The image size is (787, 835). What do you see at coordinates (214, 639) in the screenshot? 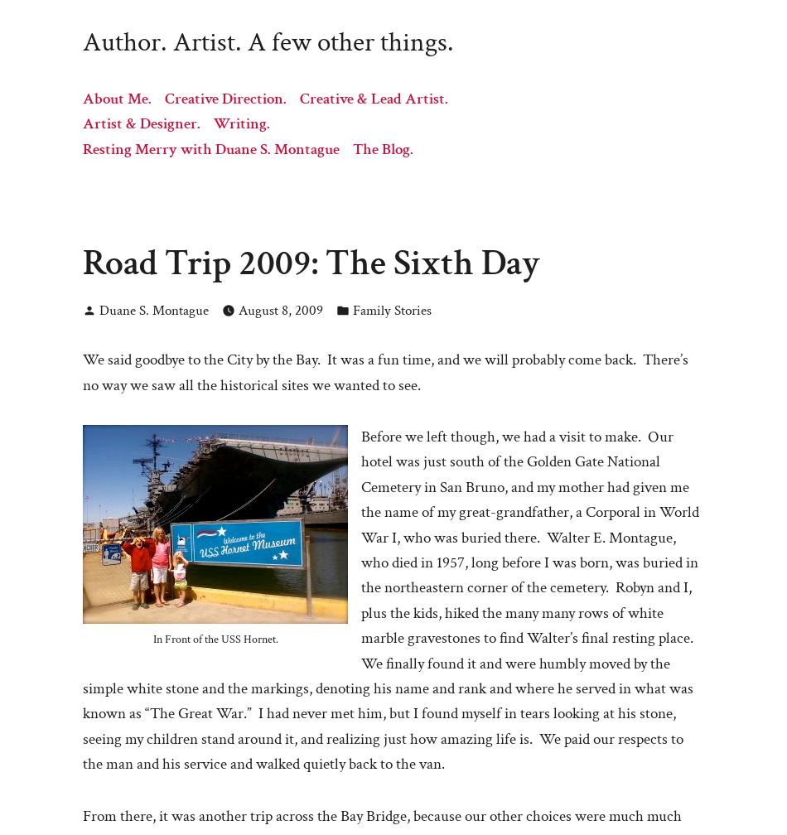
I see `'In Front of the USS Hornet.'` at bounding box center [214, 639].